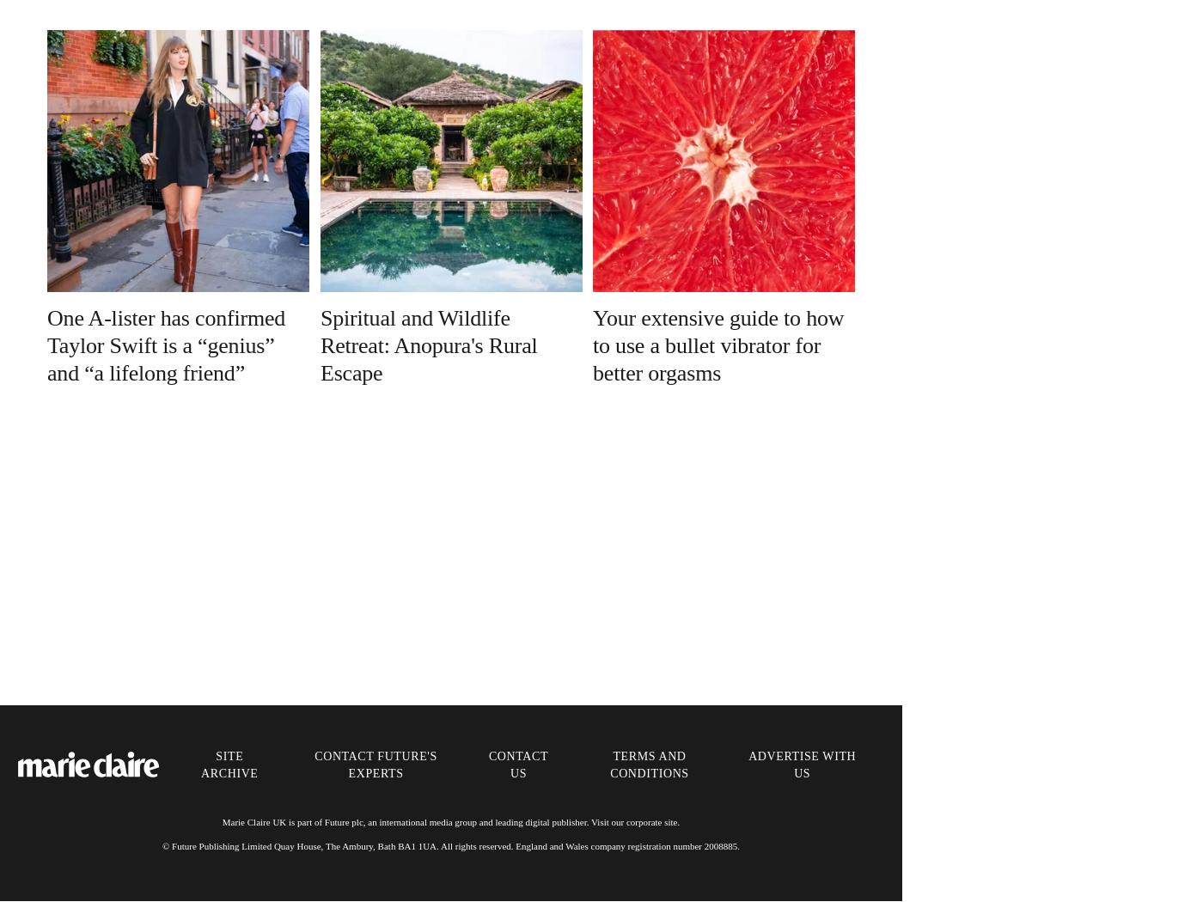 The width and height of the screenshot is (1203, 902). Describe the element at coordinates (406, 820) in the screenshot. I see `'Marie Claire UK is part of Future plc, an international media group and leading digital publisher.'` at that location.